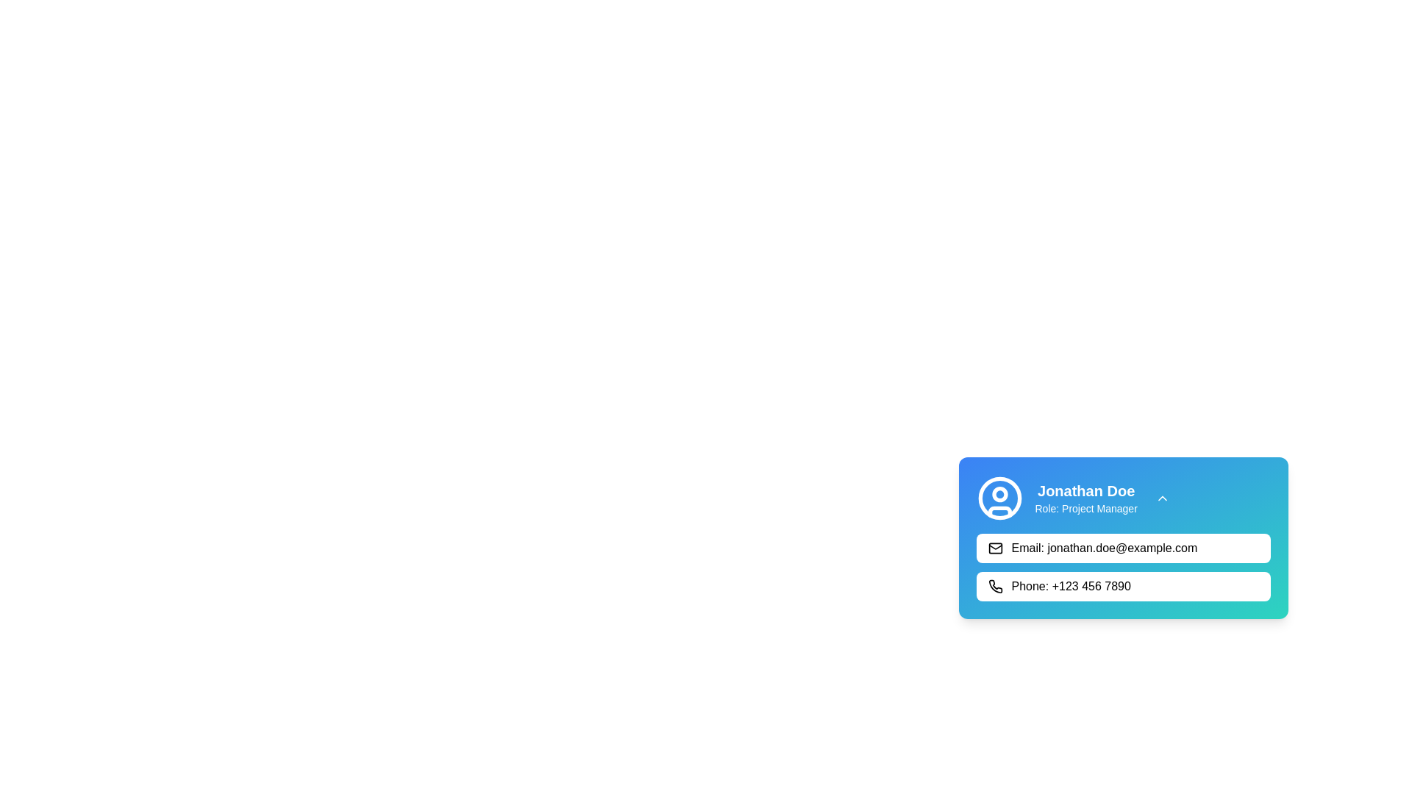 Image resolution: width=1412 pixels, height=794 pixels. Describe the element at coordinates (1086, 507) in the screenshot. I see `text label that displays the role or position of the user below the name 'Jonathan Doe' in the user profile card` at that location.